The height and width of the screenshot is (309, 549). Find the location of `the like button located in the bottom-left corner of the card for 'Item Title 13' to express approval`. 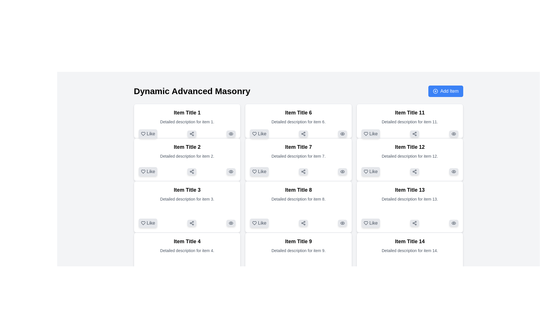

the like button located in the bottom-left corner of the card for 'Item Title 13' to express approval is located at coordinates (371, 223).